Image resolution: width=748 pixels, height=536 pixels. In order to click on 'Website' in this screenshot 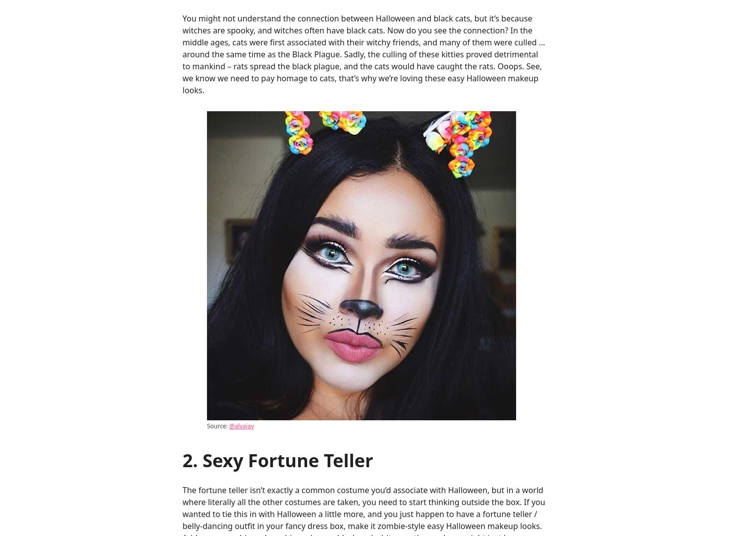, I will do `click(197, 412)`.